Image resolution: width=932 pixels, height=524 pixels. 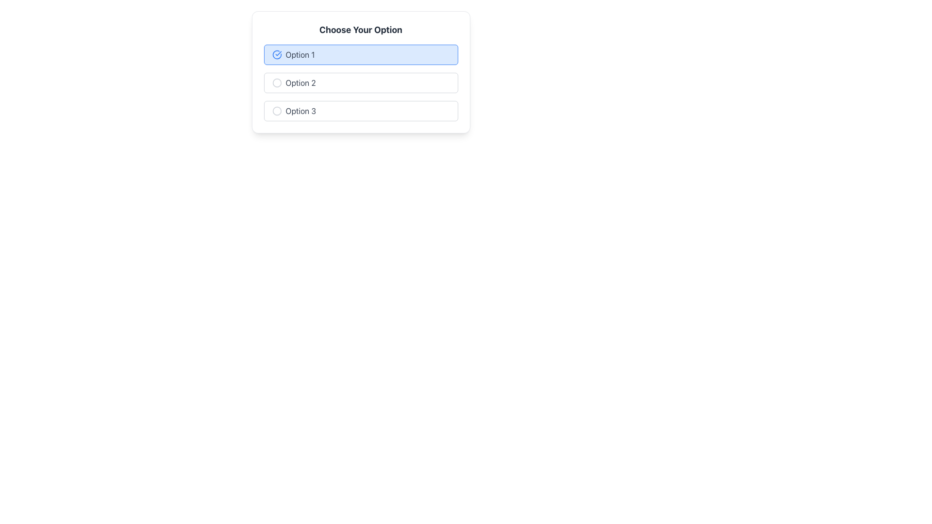 What do you see at coordinates (360, 72) in the screenshot?
I see `the 'Option 1' in the Selection Panel titled 'Choose Your Option'` at bounding box center [360, 72].